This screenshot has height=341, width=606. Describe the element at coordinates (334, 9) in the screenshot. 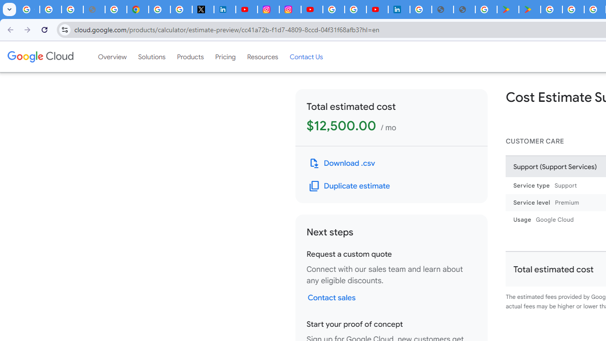

I see `'Sign in - Google Accounts'` at that location.